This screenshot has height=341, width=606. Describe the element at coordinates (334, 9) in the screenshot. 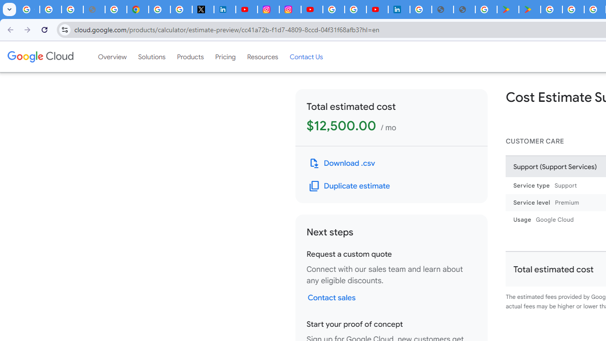

I see `'Sign in - Google Accounts'` at that location.